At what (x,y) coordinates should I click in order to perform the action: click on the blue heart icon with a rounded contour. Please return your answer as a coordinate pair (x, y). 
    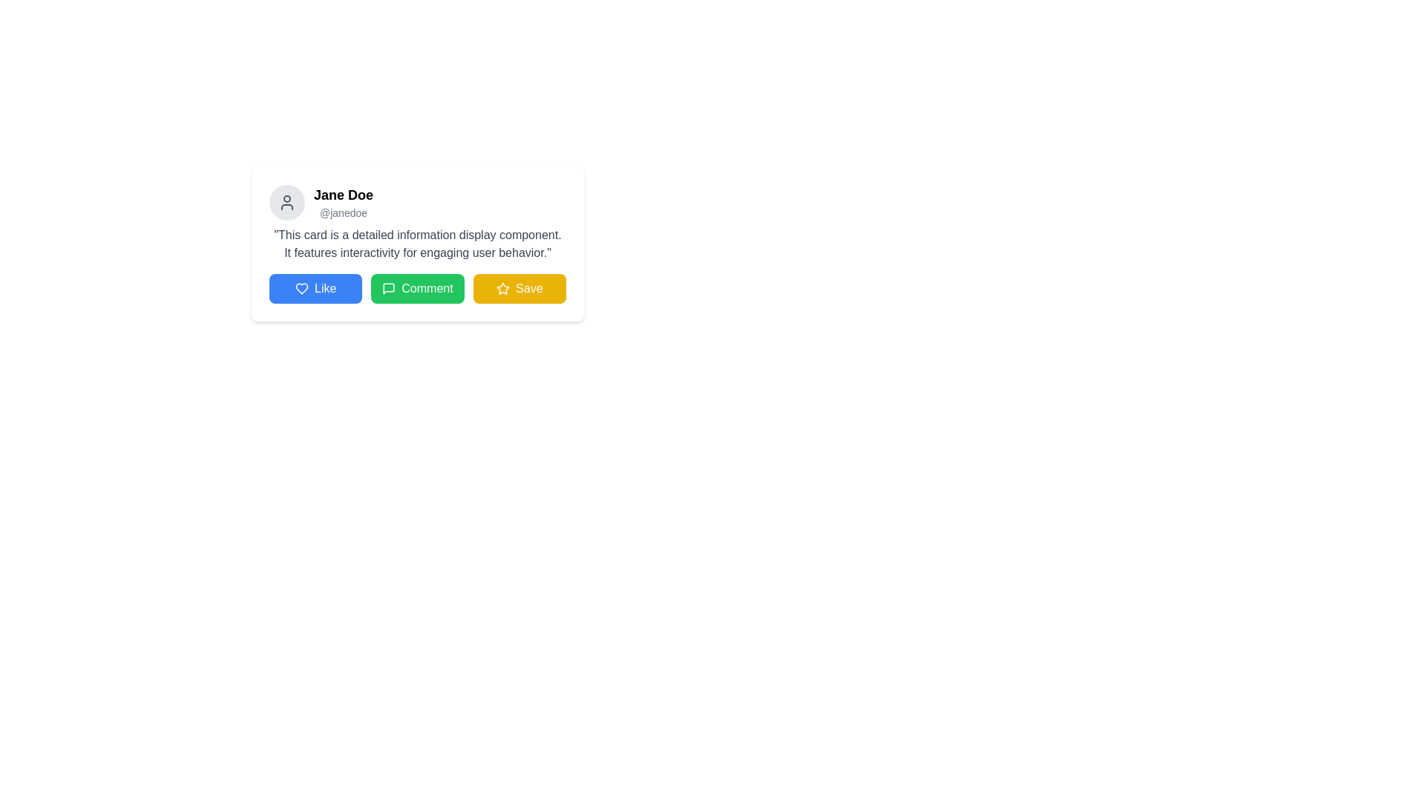
    Looking at the image, I should click on (301, 289).